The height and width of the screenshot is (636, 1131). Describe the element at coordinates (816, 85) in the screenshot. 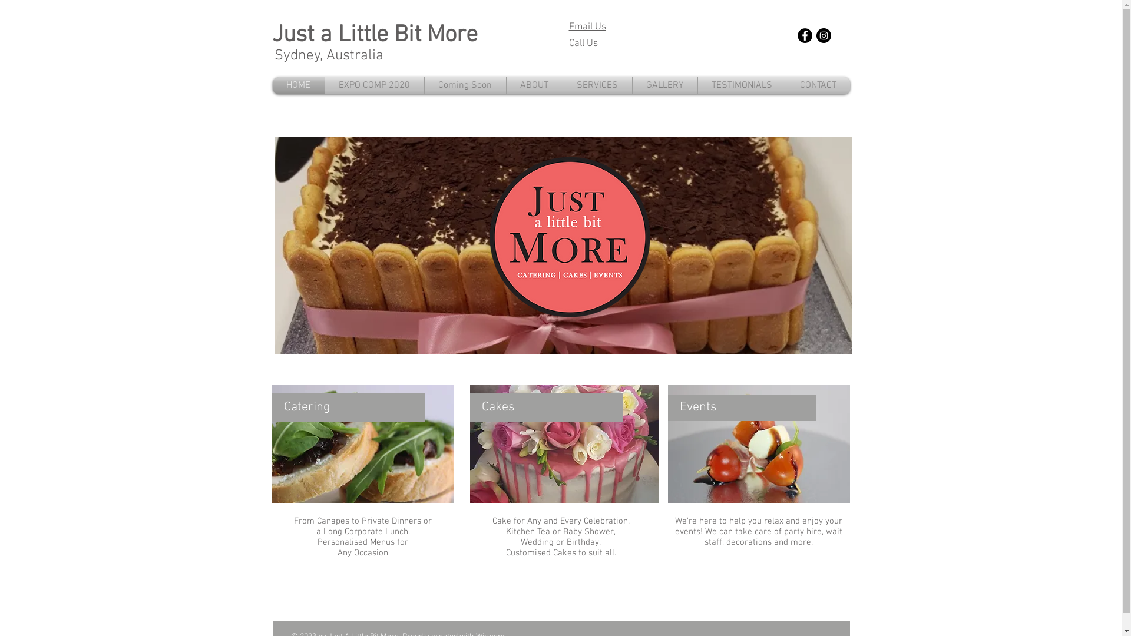

I see `'CONTACT'` at that location.